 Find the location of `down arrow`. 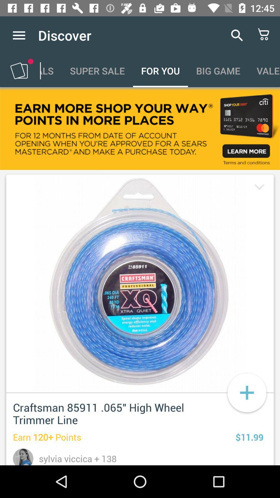

down arrow is located at coordinates (258, 188).